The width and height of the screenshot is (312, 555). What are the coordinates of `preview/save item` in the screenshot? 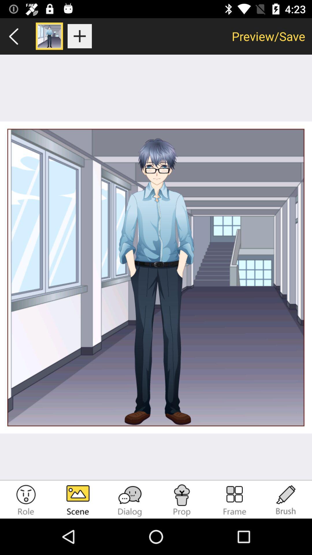 It's located at (268, 36).